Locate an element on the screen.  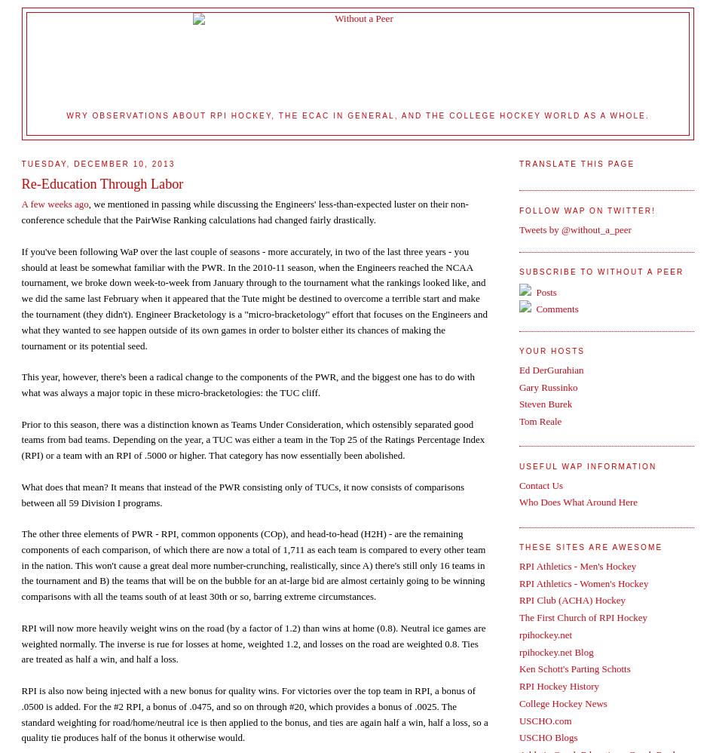
'Steven Burek' is located at coordinates (518, 404).